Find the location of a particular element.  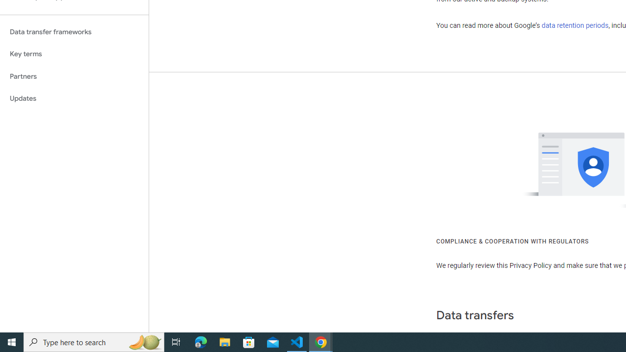

'data retention periods' is located at coordinates (575, 25).